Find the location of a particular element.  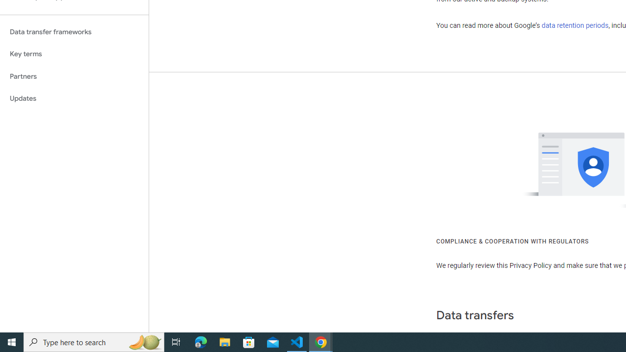

'data retention periods' is located at coordinates (575, 25).